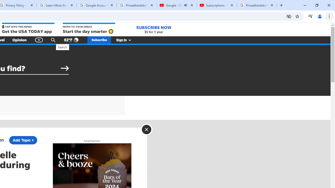  Describe the element at coordinates (39, 40) in the screenshot. I see `'Global Navigation'` at that location.